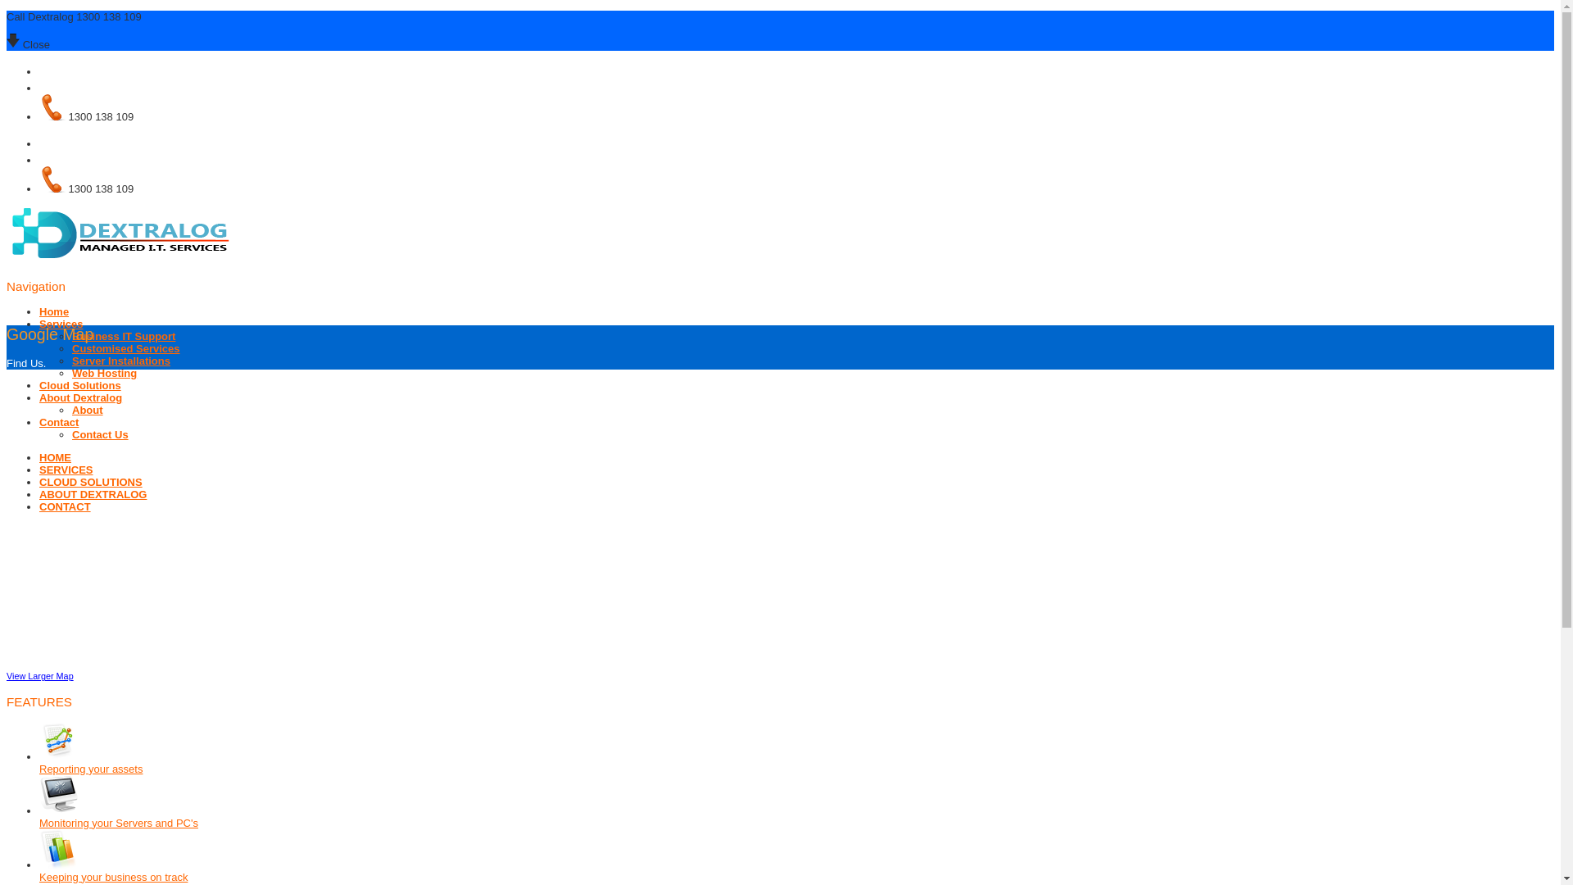 The height and width of the screenshot is (885, 1573). Describe the element at coordinates (61, 324) in the screenshot. I see `'Services'` at that location.